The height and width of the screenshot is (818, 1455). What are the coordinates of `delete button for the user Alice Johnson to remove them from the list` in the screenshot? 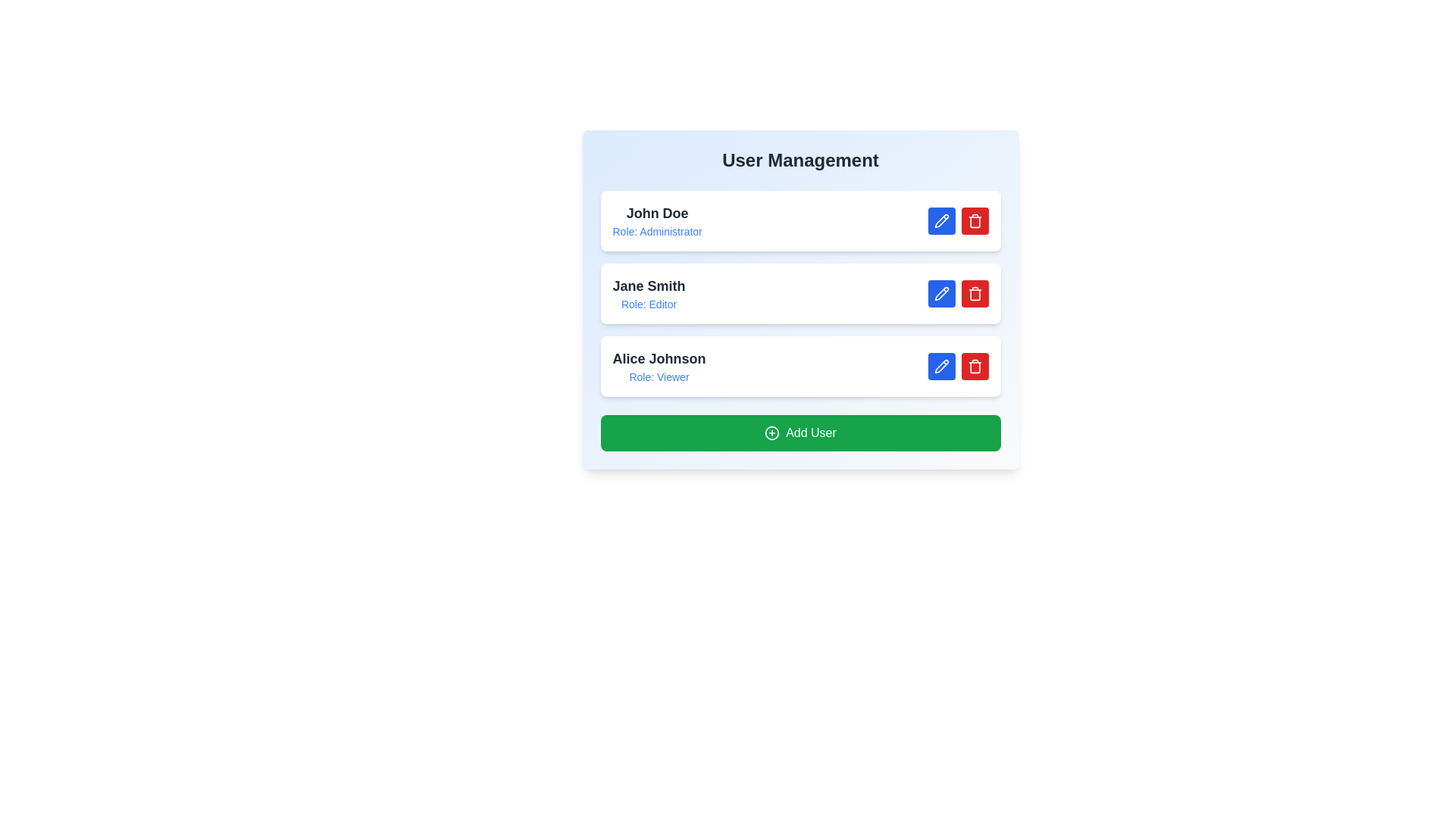 It's located at (975, 366).